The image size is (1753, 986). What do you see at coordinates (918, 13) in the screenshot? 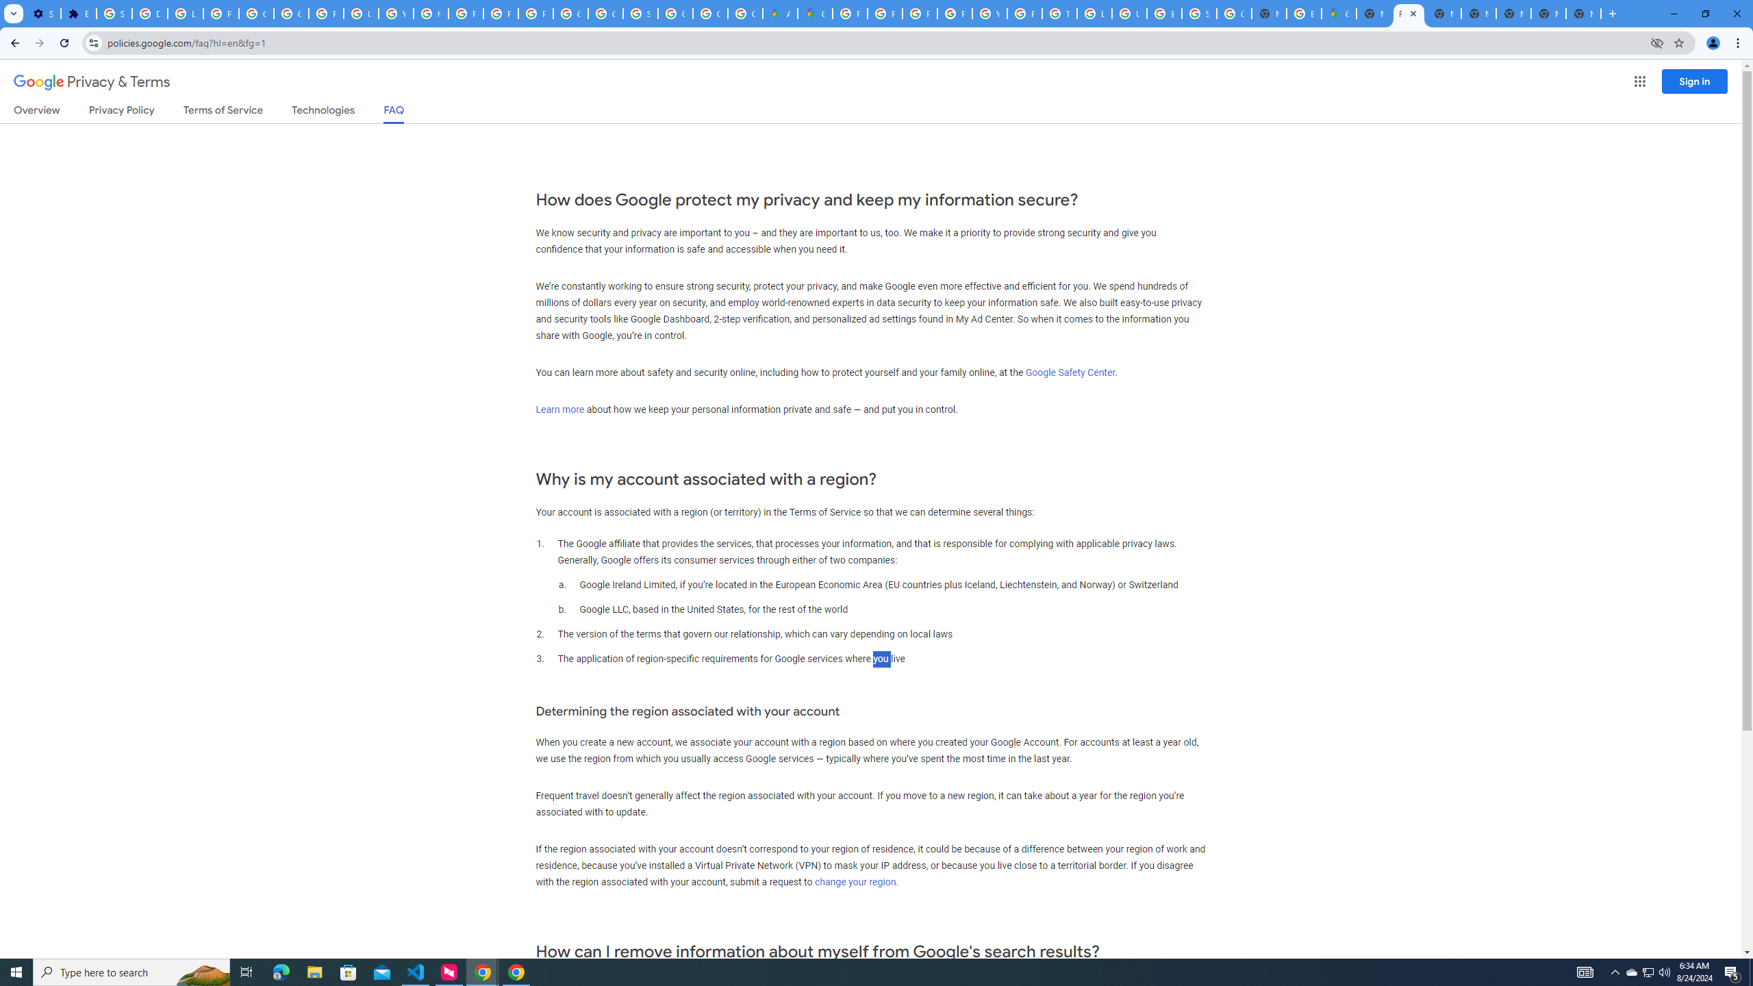
I see `'Privacy Help Center - Policies Help'` at bounding box center [918, 13].